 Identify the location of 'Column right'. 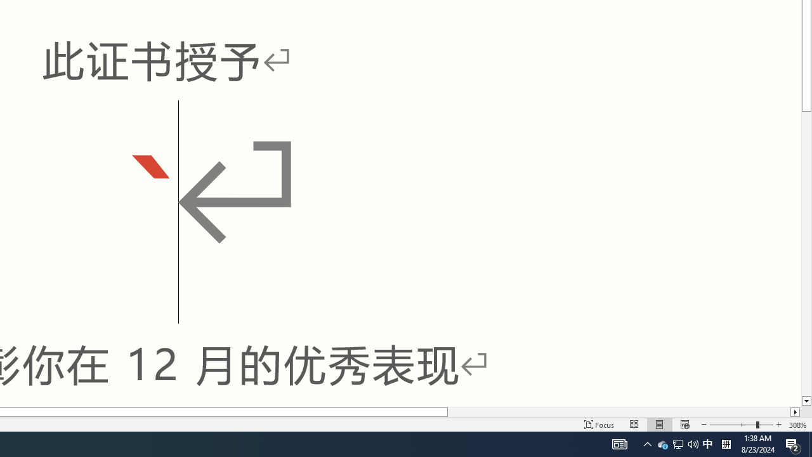
(795, 412).